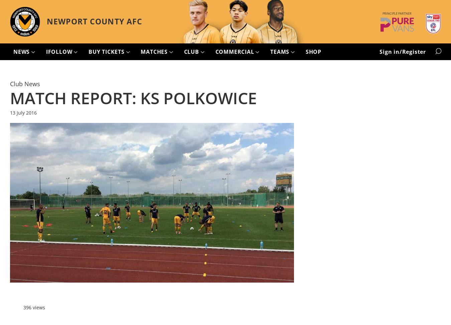 The image size is (451, 325). I want to click on 'IFOLLOW', so click(60, 51).